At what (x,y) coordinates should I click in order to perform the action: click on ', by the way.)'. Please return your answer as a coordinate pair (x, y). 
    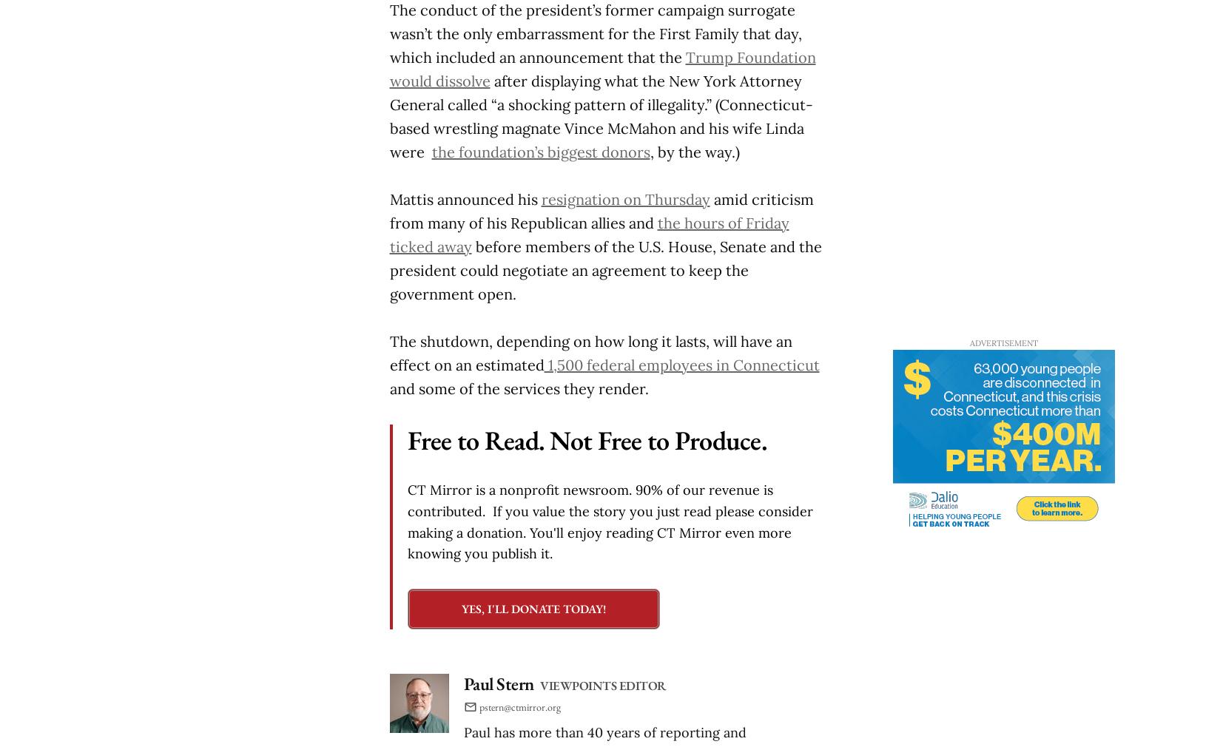
    Looking at the image, I should click on (650, 150).